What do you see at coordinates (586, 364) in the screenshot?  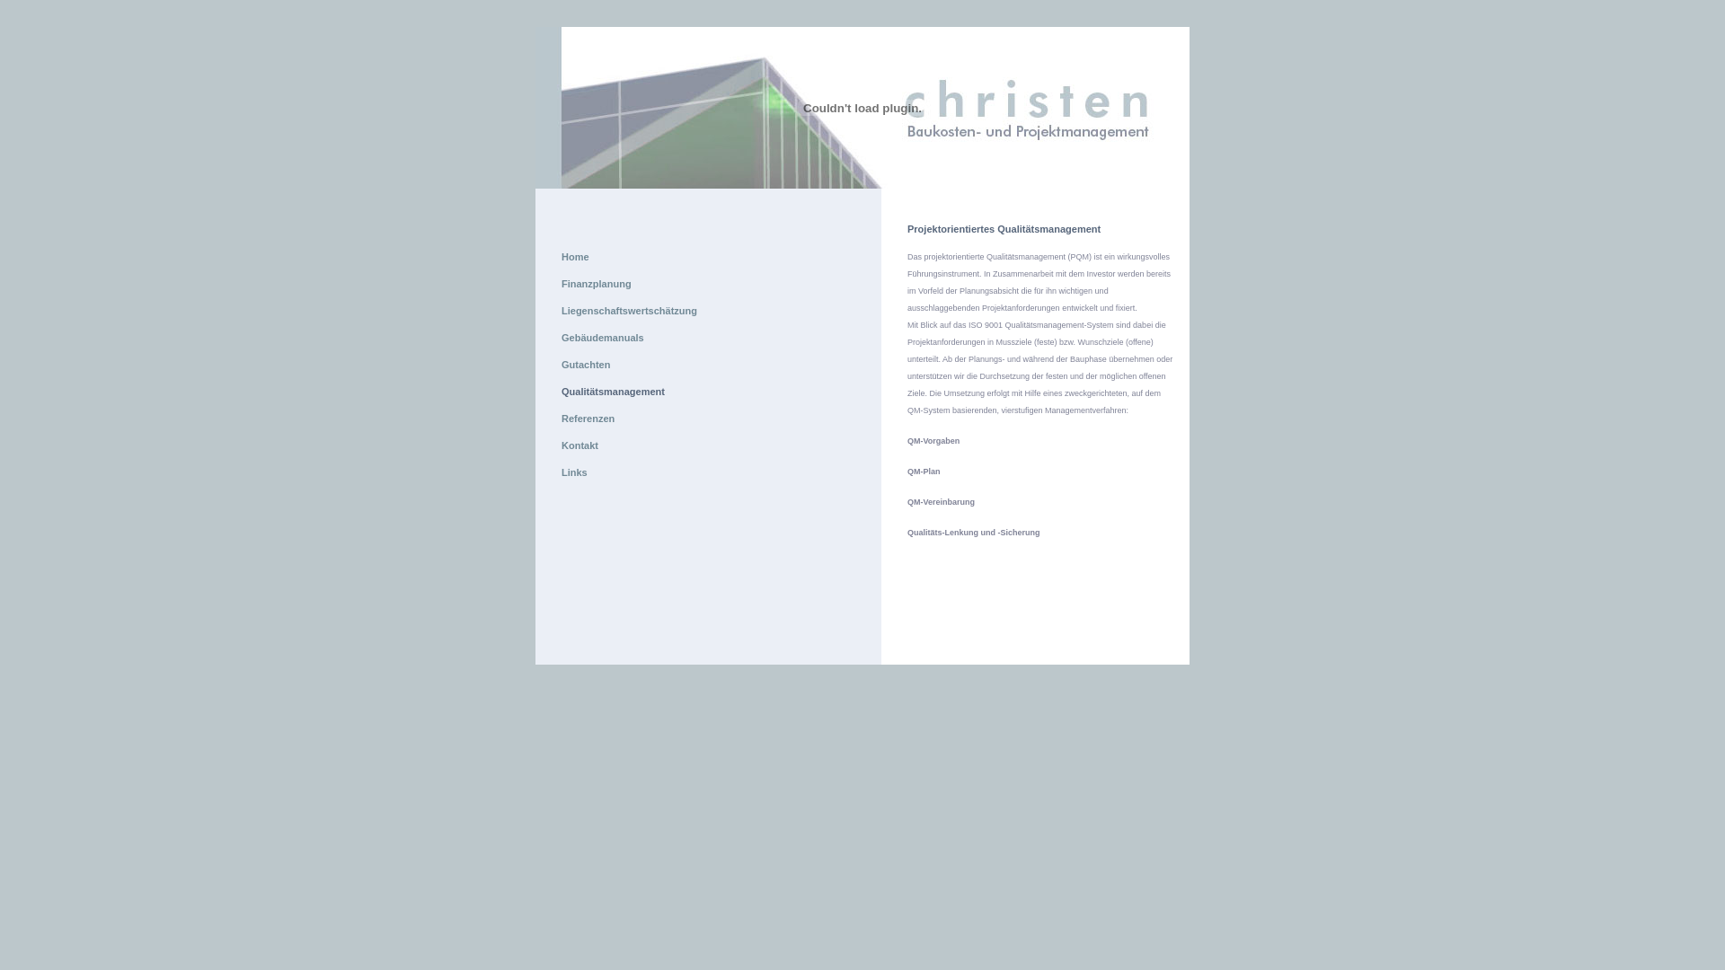 I see `'Gutachten'` at bounding box center [586, 364].